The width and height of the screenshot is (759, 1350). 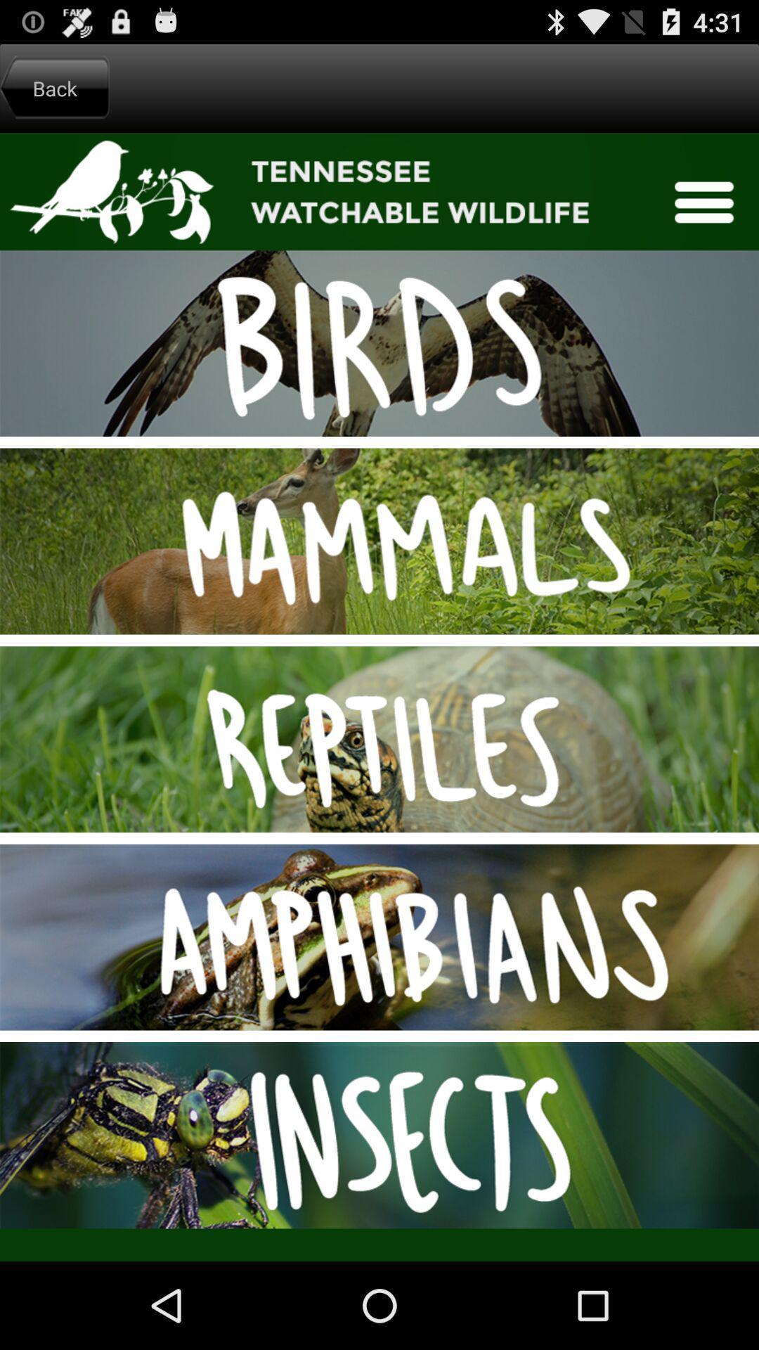 What do you see at coordinates (379, 697) in the screenshot?
I see `navigate sections of the app` at bounding box center [379, 697].